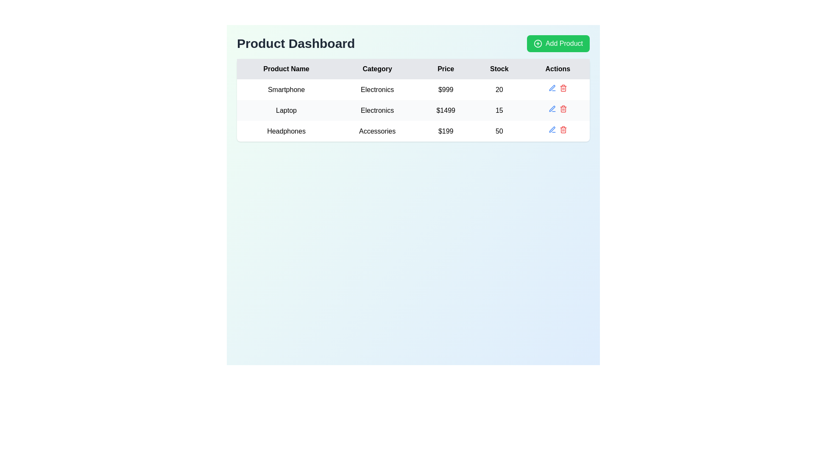 The height and width of the screenshot is (458, 814). Describe the element at coordinates (445, 89) in the screenshot. I see `the text label displaying the price '$999' in bold font style, located in the 'Price' column of the product table, adjacent to 'Electronics' on the left and '20' on the right` at that location.